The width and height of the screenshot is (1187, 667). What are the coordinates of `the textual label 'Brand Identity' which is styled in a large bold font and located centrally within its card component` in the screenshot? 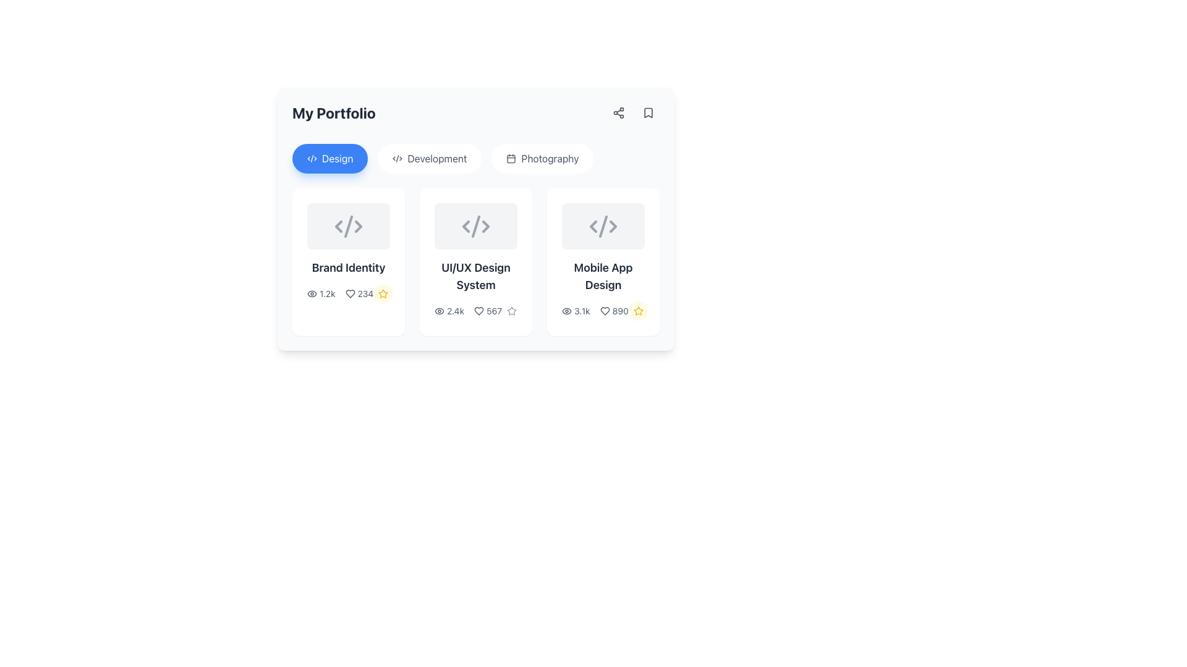 It's located at (348, 267).